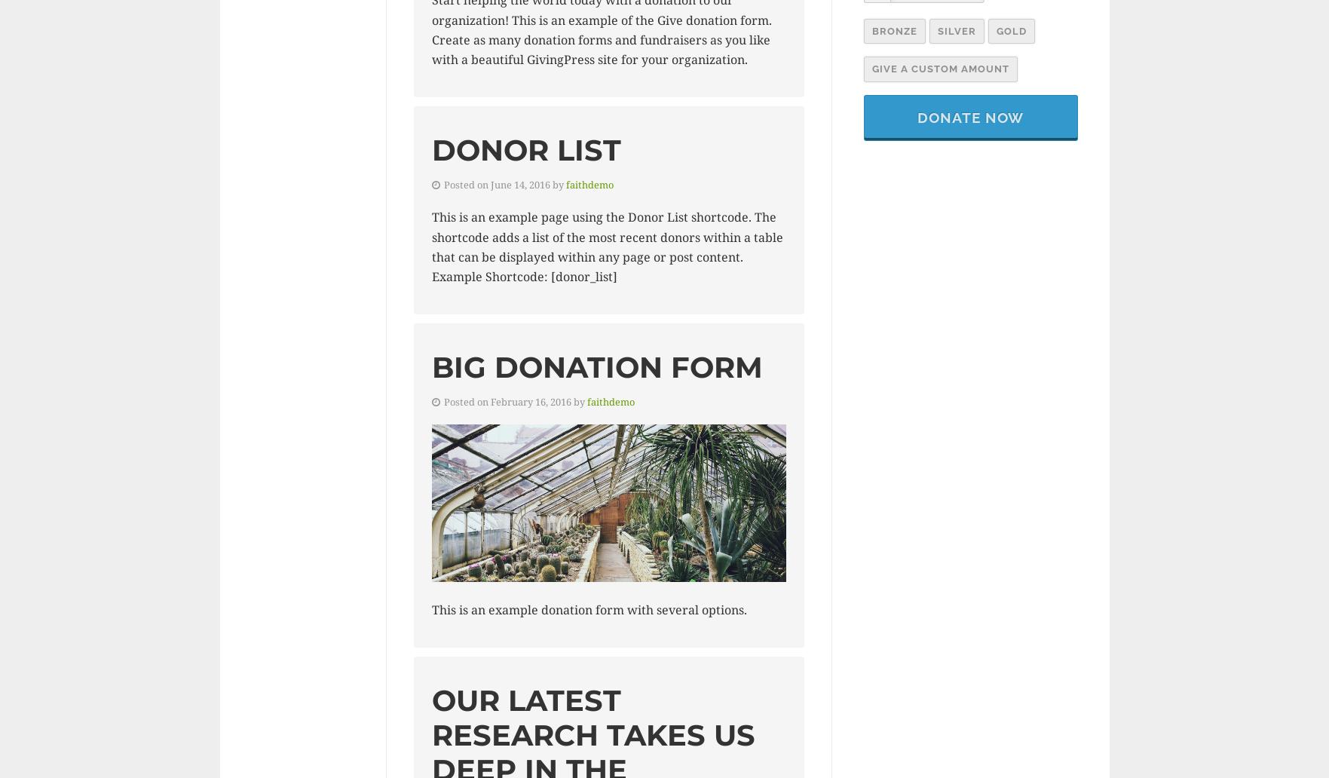 The image size is (1329, 778). Describe the element at coordinates (596, 366) in the screenshot. I see `'Big Donation Form'` at that location.